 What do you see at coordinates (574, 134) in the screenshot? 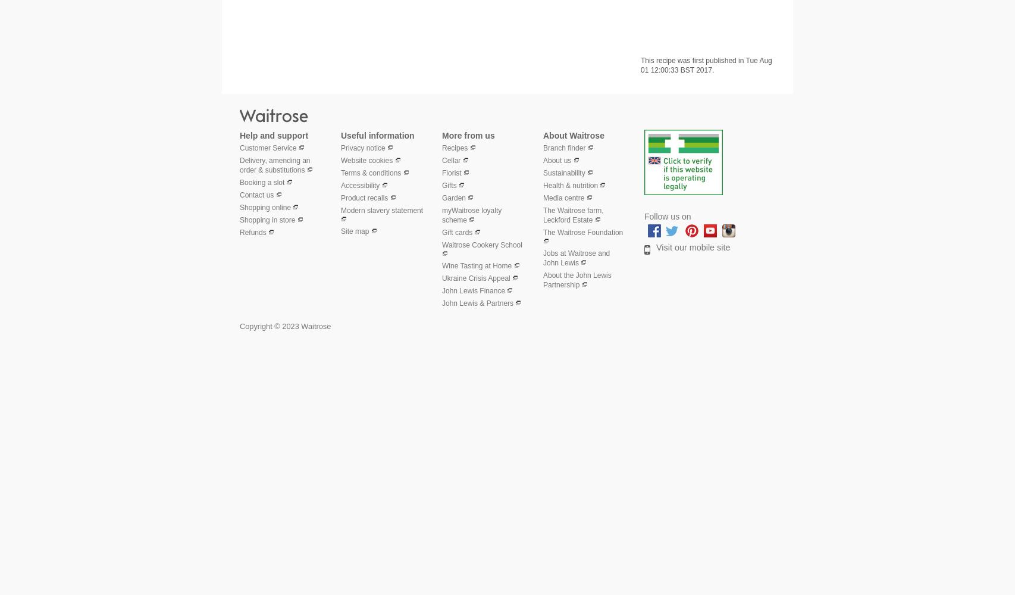
I see `'About Waitrose'` at bounding box center [574, 134].